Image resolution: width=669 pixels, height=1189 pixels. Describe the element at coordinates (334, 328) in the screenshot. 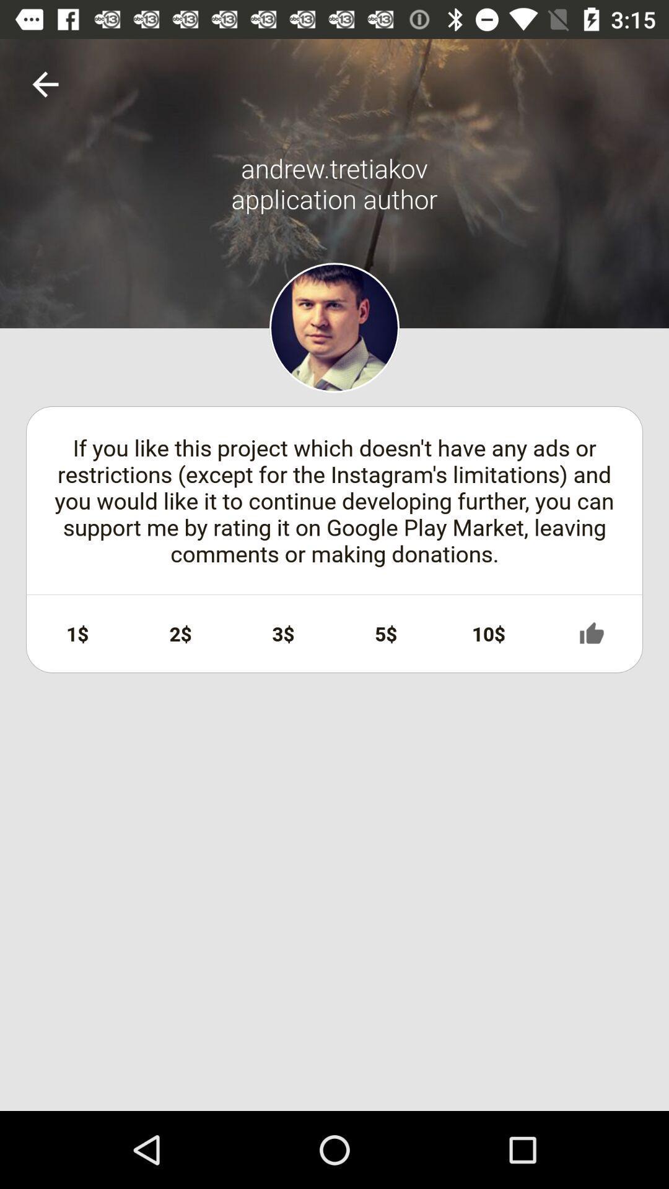

I see `user profile image` at that location.